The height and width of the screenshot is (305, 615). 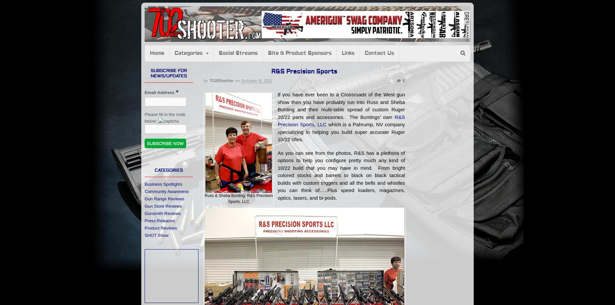 What do you see at coordinates (237, 80) in the screenshot?
I see `'on'` at bounding box center [237, 80].